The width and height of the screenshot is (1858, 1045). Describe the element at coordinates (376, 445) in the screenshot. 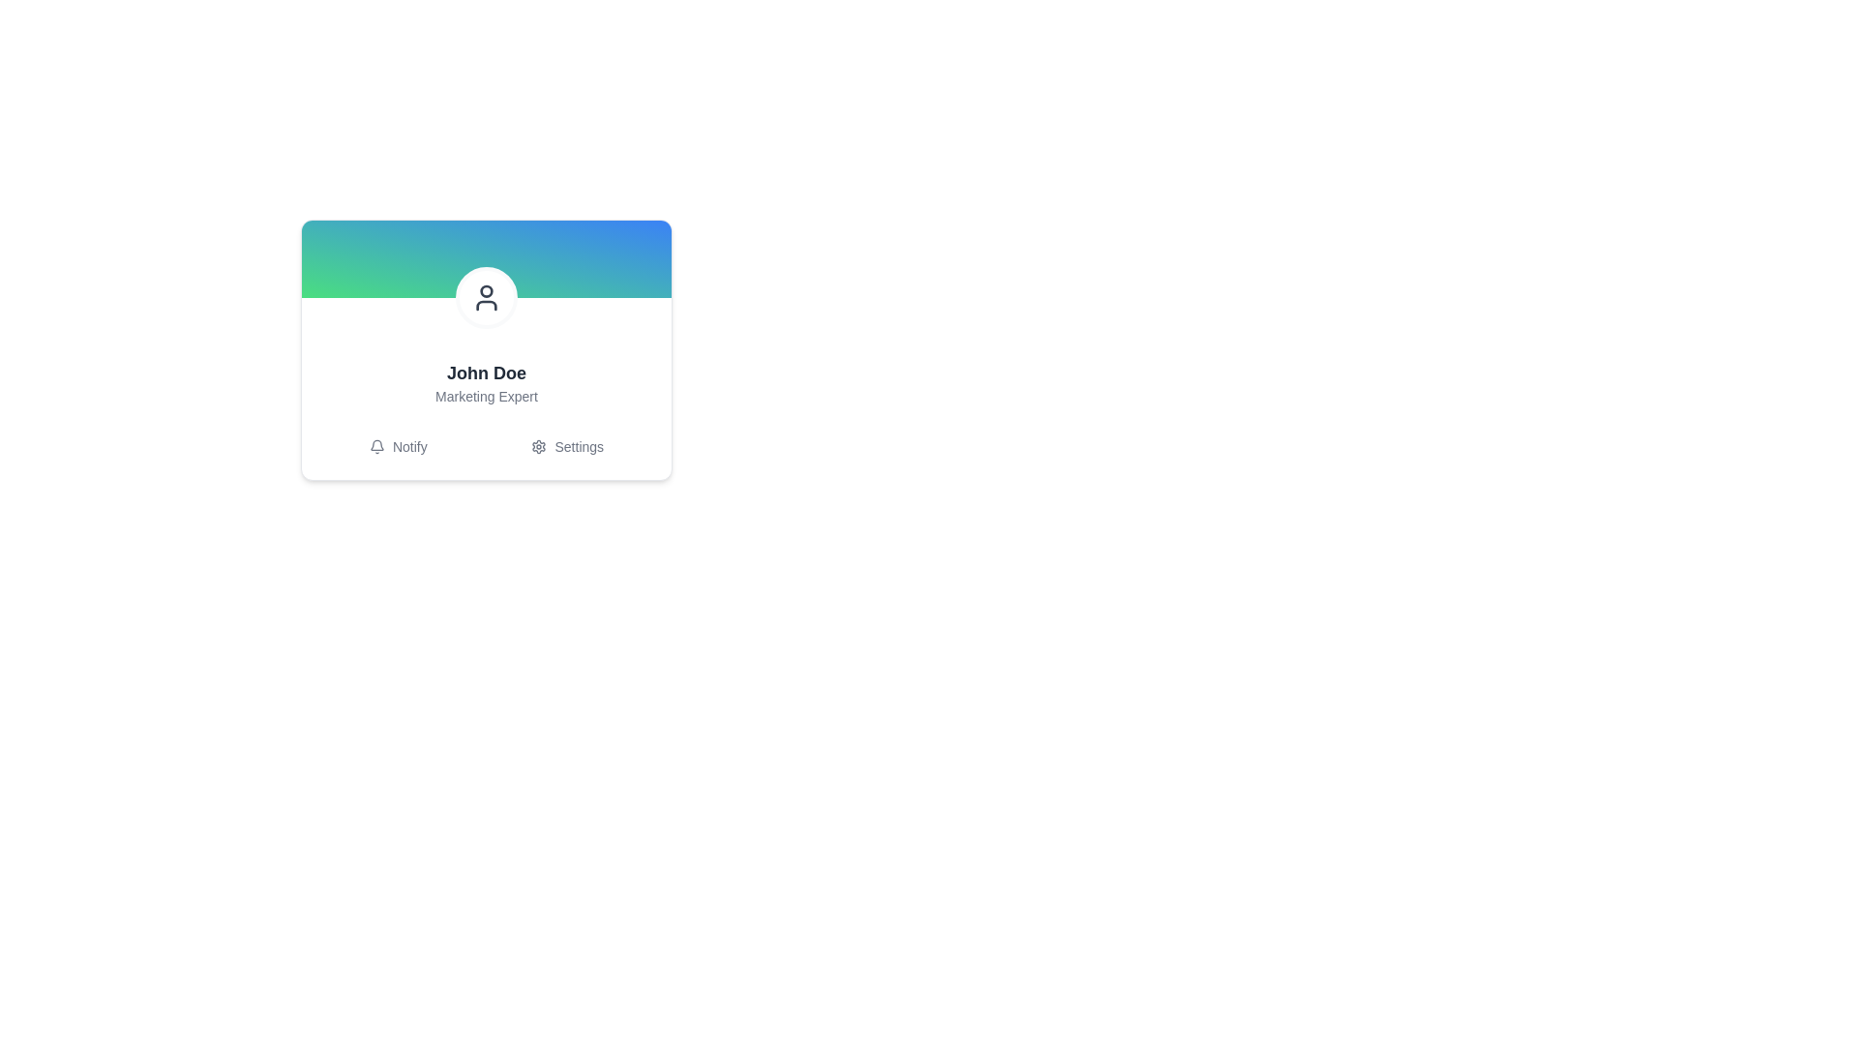

I see `the notification indicator icon located at the left bottom part of the card interface, which is near the 'Notify' label` at that location.